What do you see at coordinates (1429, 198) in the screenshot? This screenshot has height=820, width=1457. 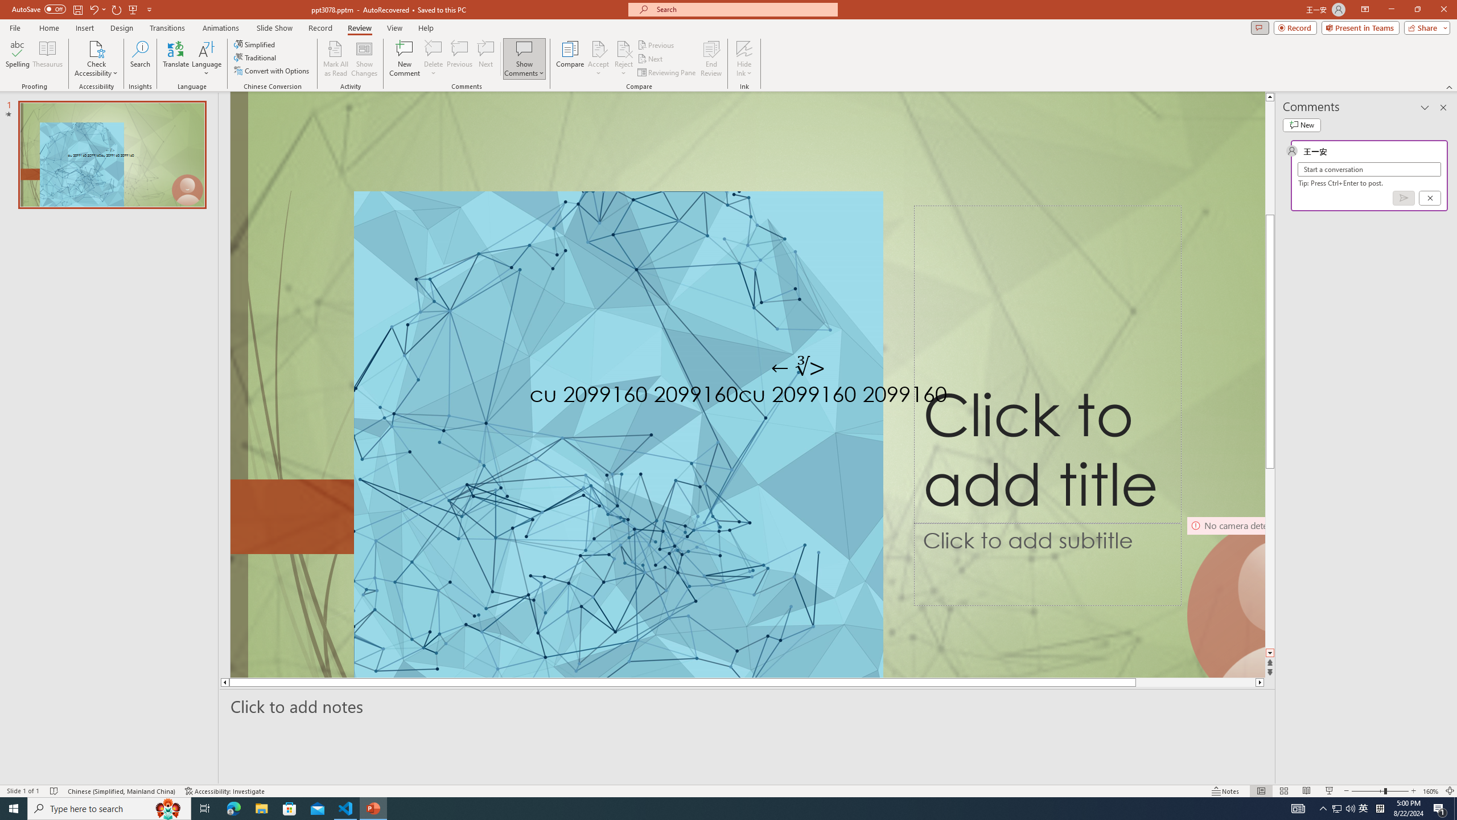 I see `'Cancel'` at bounding box center [1429, 198].